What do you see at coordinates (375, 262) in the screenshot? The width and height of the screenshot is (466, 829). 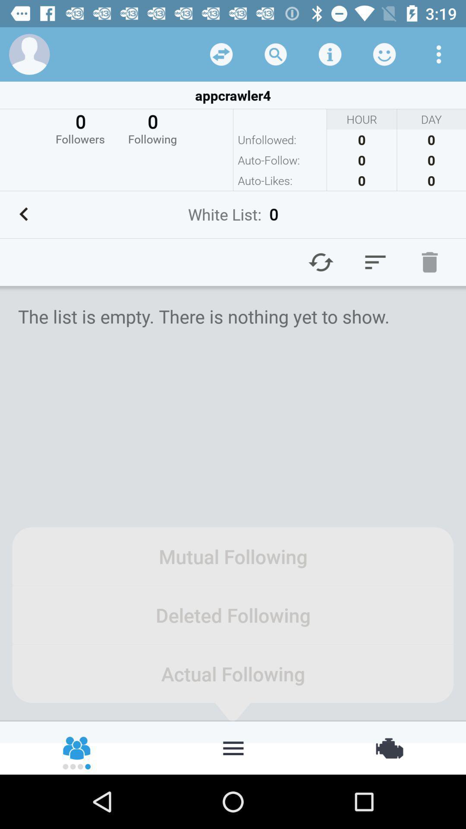 I see `the filter_list icon` at bounding box center [375, 262].